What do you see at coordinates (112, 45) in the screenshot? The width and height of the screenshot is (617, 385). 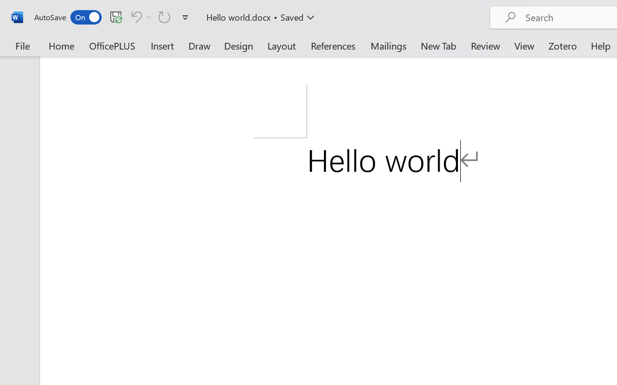 I see `'OfficePLUS'` at bounding box center [112, 45].